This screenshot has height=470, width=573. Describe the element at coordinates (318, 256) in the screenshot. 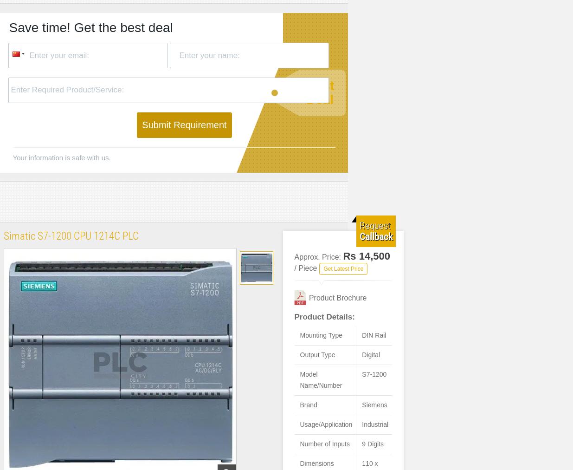

I see `'Approx. Price:'` at that location.